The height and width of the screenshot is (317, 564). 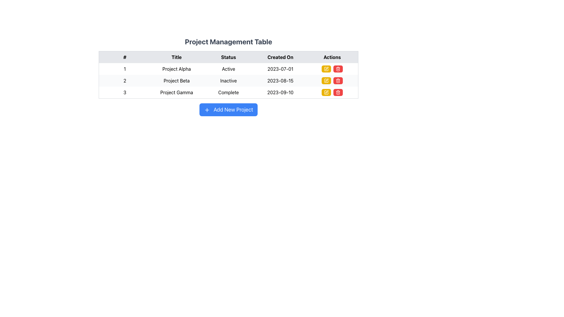 I want to click on the delete icon located in the 'Actions' column of the Project Management Table corresponding to the project 'Project Alpha', so click(x=338, y=69).